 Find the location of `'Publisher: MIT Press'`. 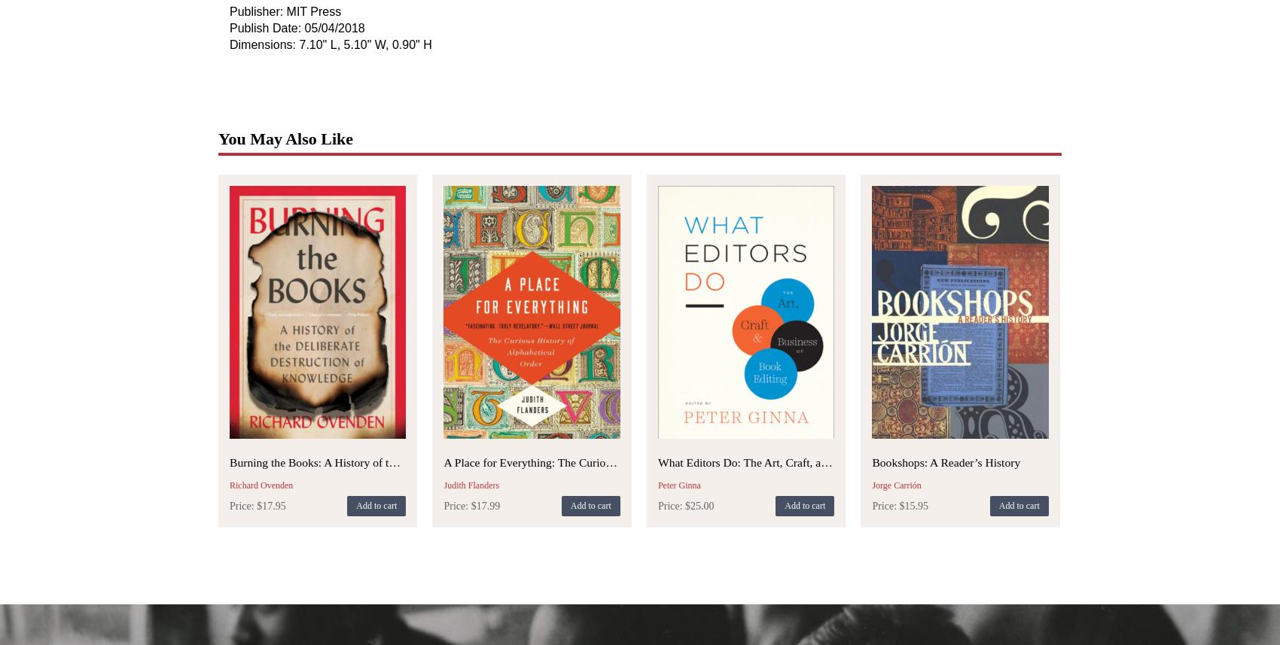

'Publisher: MIT Press' is located at coordinates (229, 11).